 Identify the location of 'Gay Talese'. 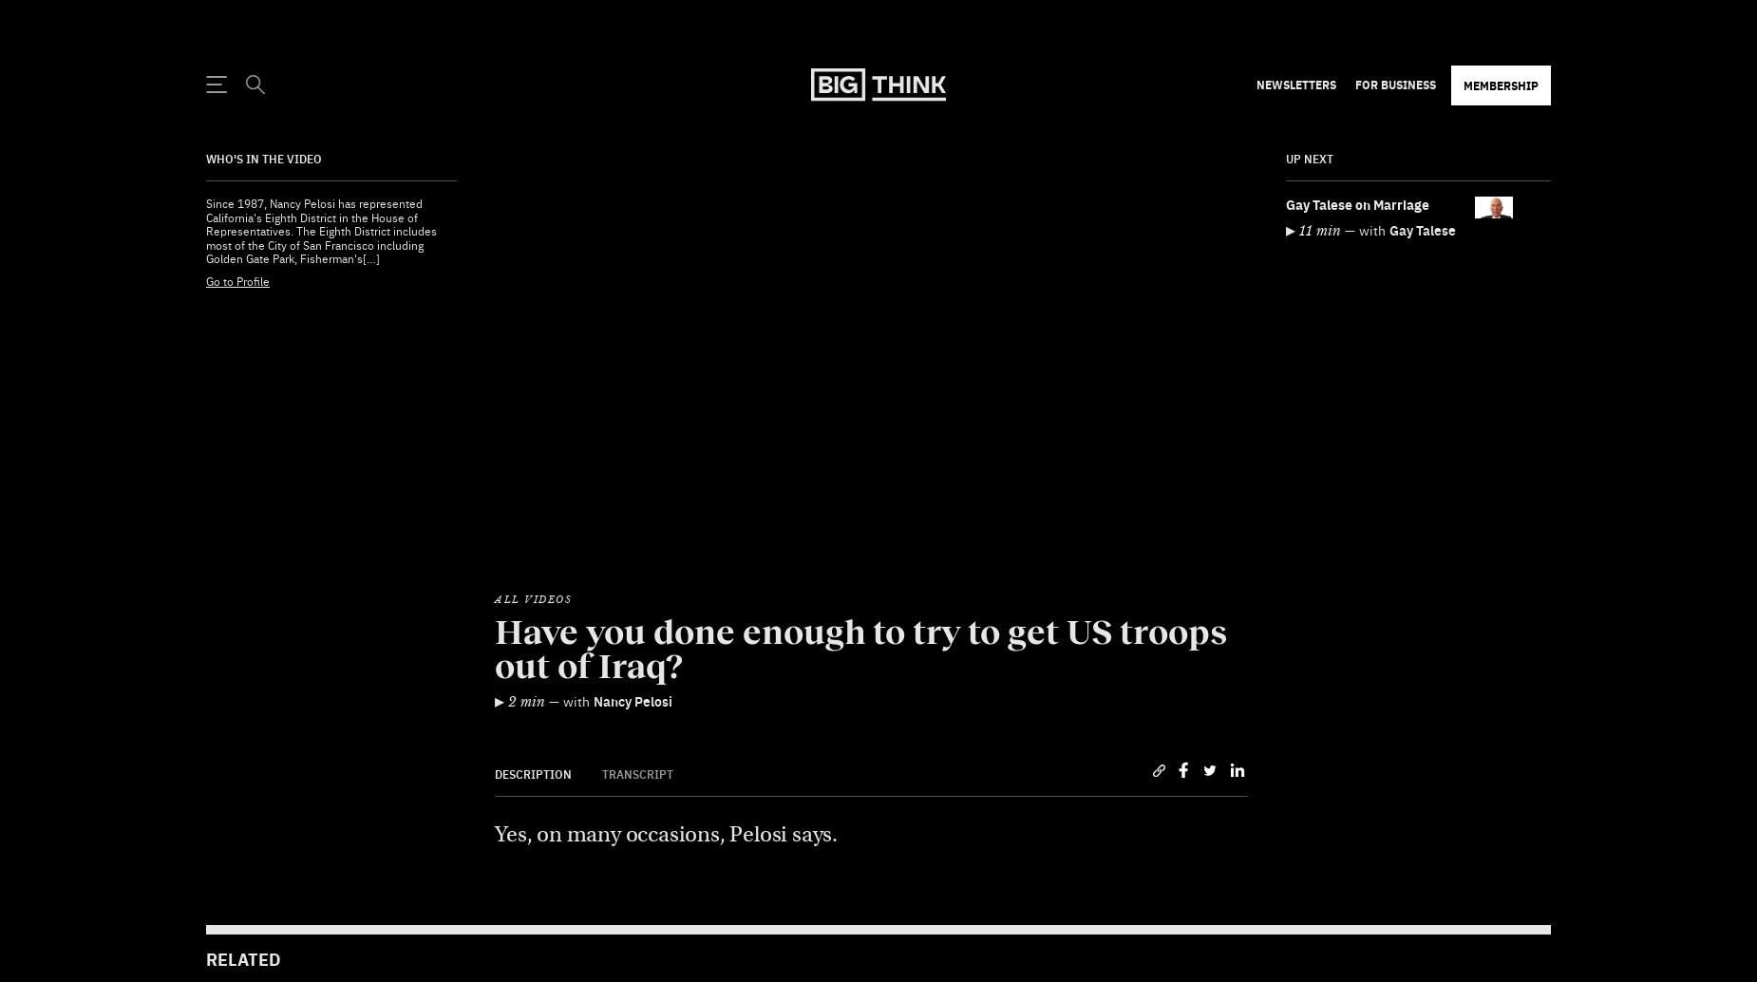
(1422, 183).